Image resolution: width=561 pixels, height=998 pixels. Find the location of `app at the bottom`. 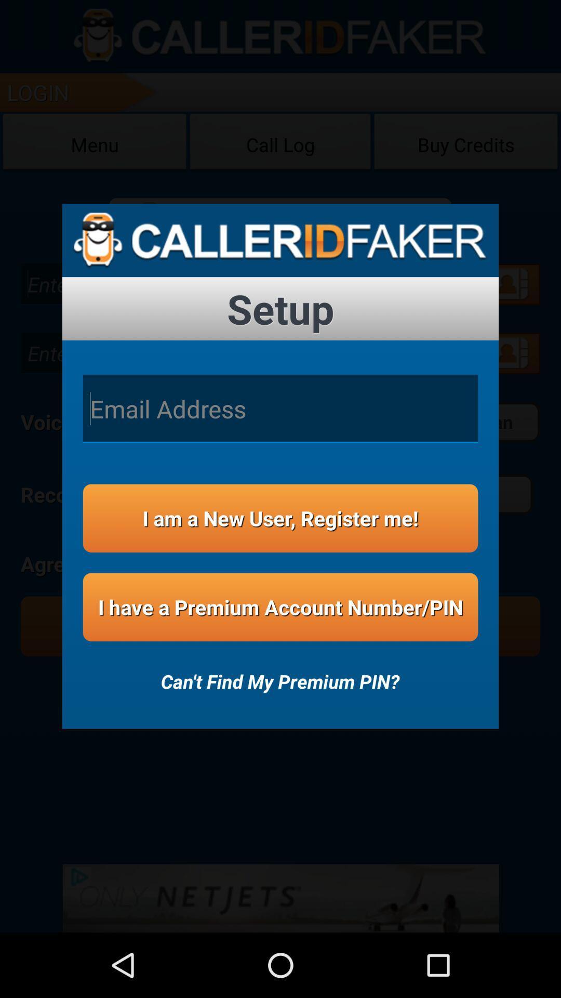

app at the bottom is located at coordinates (279, 674).